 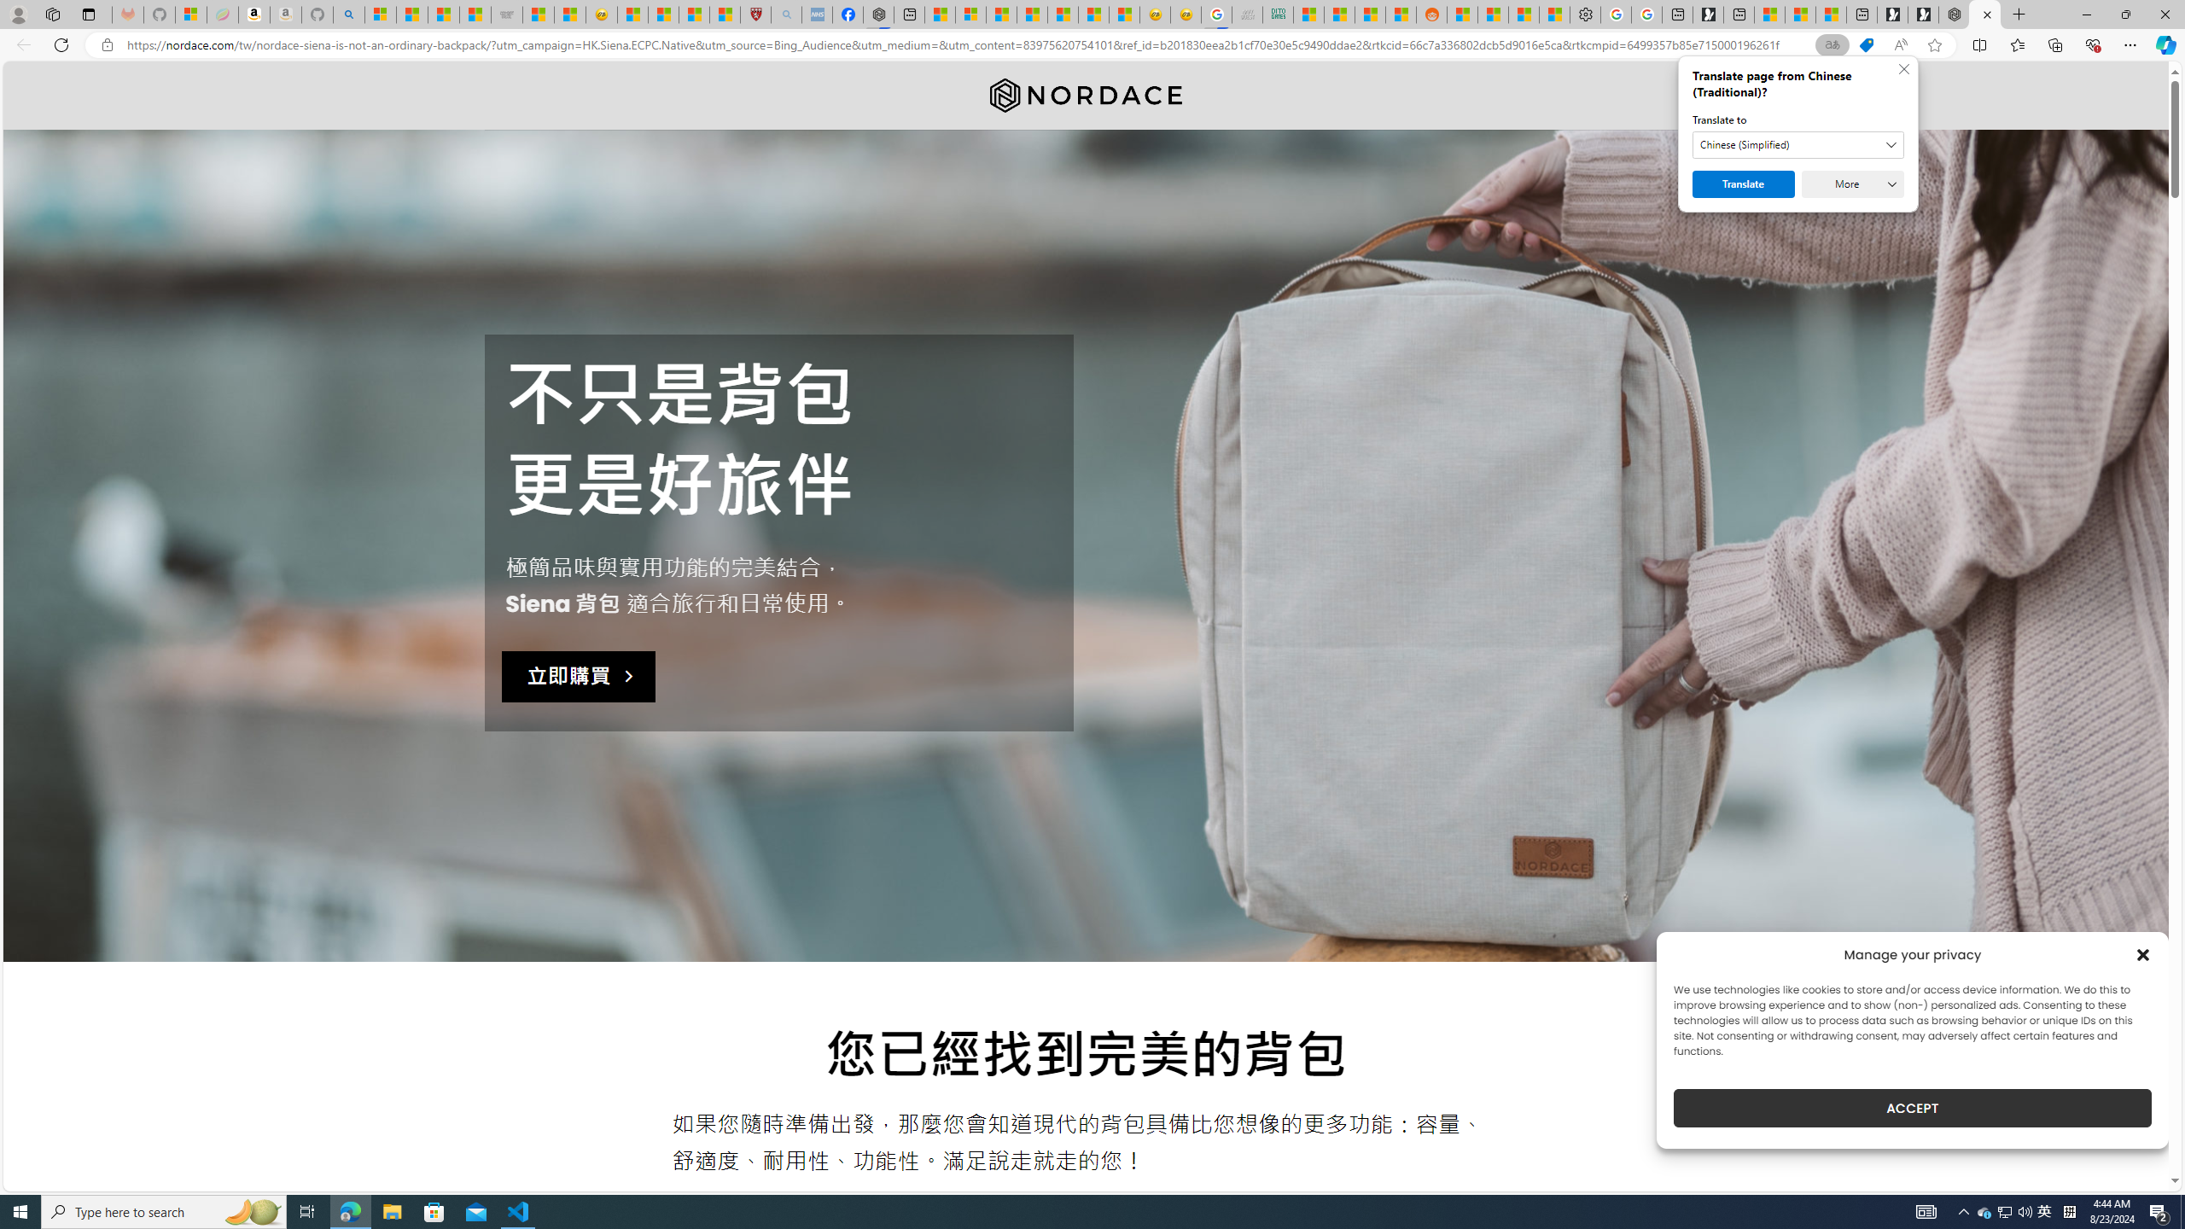 I want to click on 'More', so click(x=1851, y=183).